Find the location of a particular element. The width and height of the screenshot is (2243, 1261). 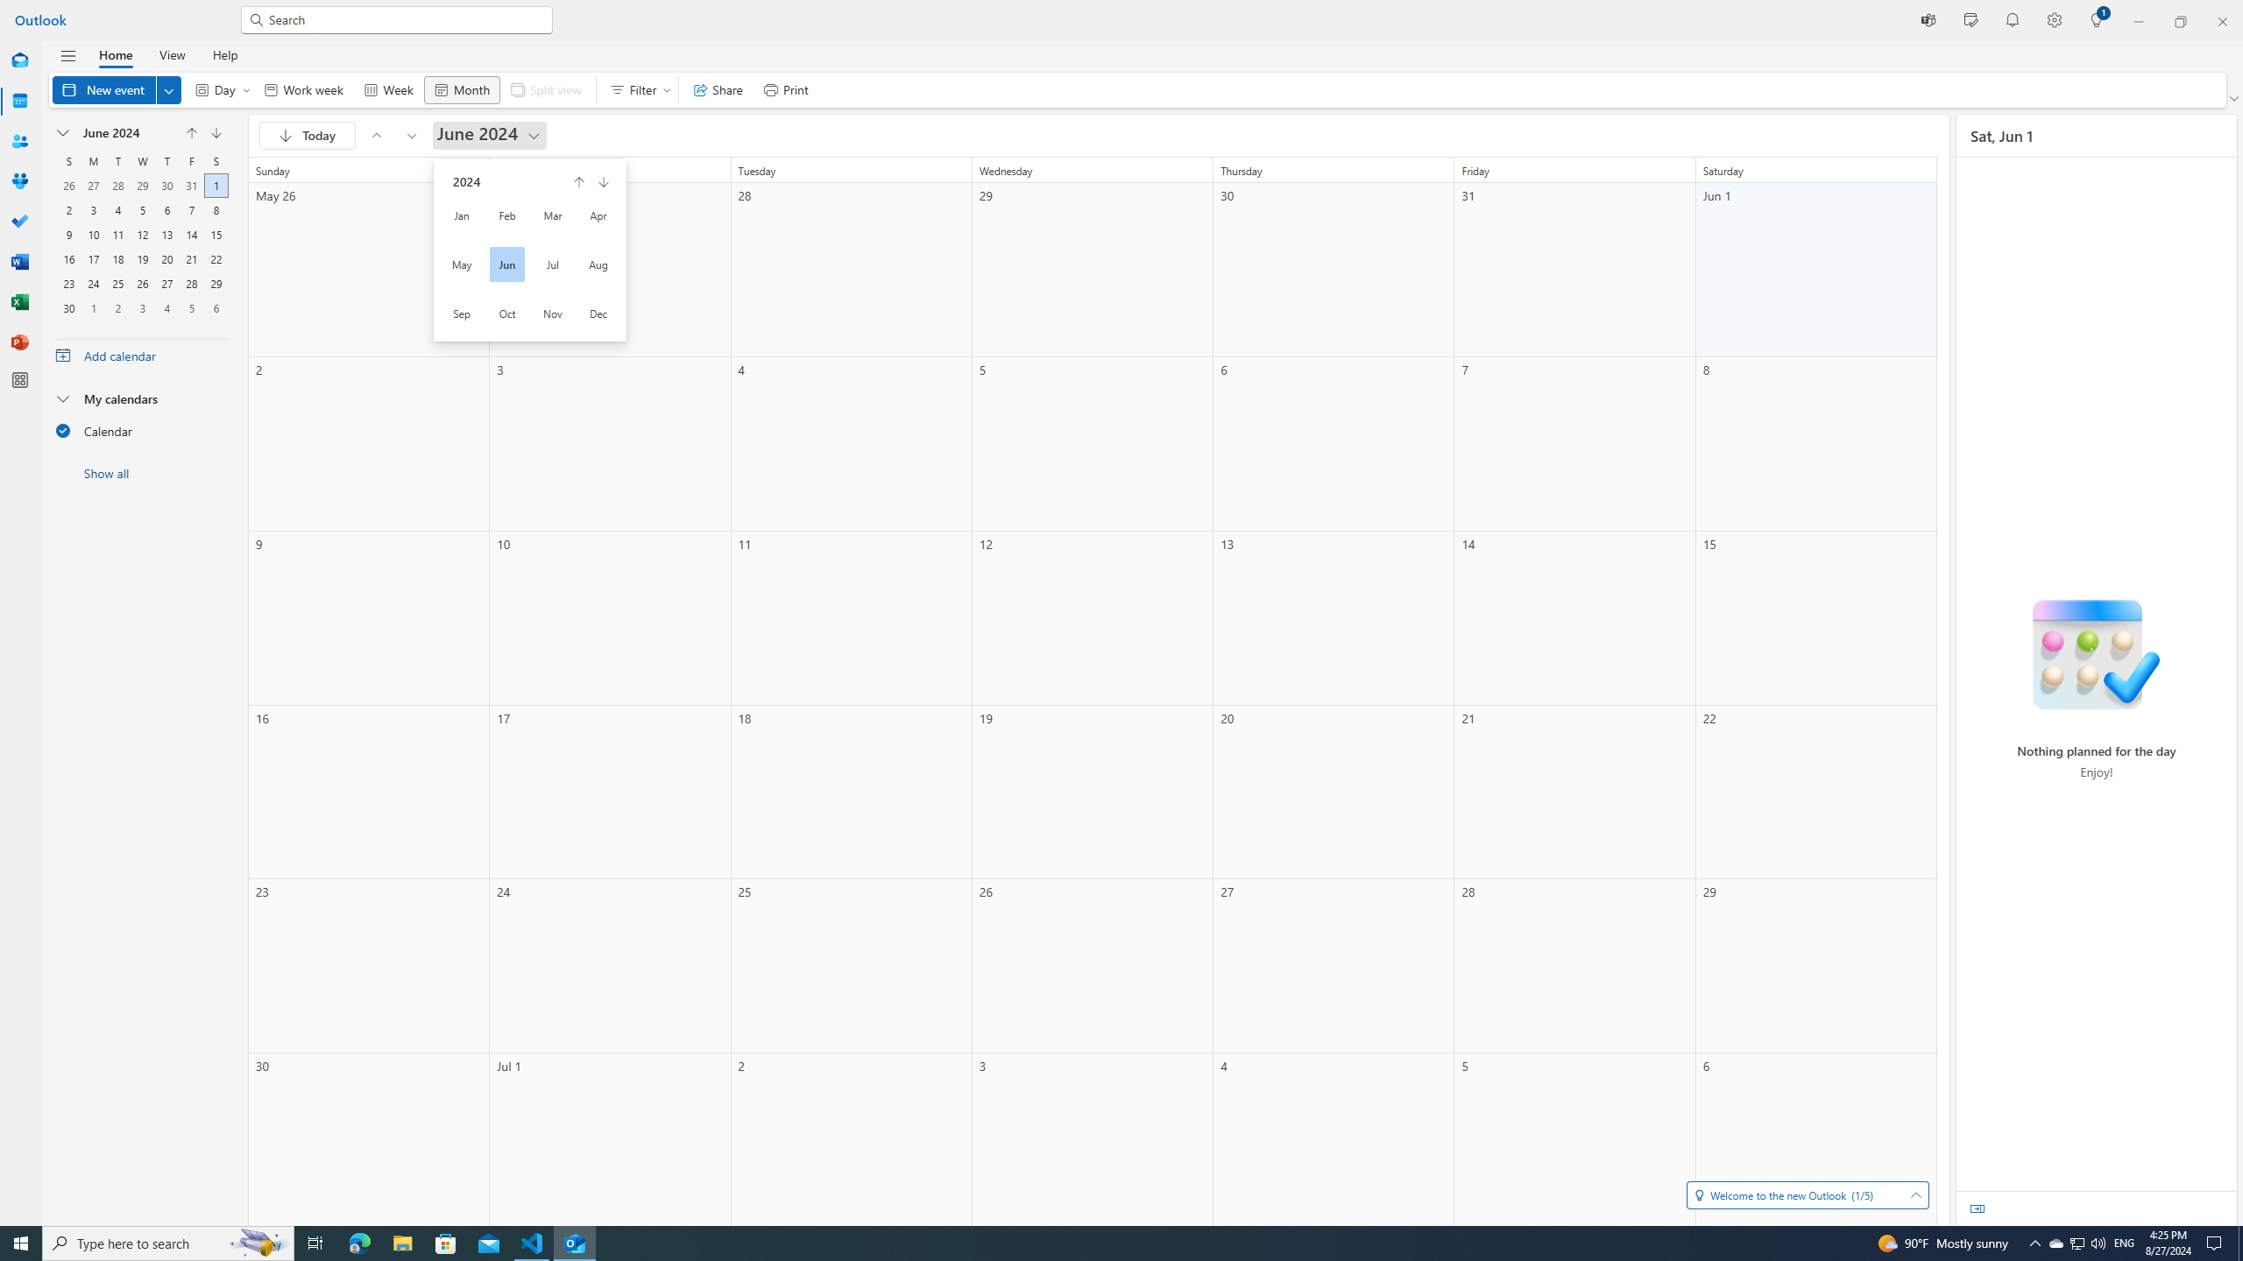

'My calendarsCalendar' is located at coordinates (142, 419).